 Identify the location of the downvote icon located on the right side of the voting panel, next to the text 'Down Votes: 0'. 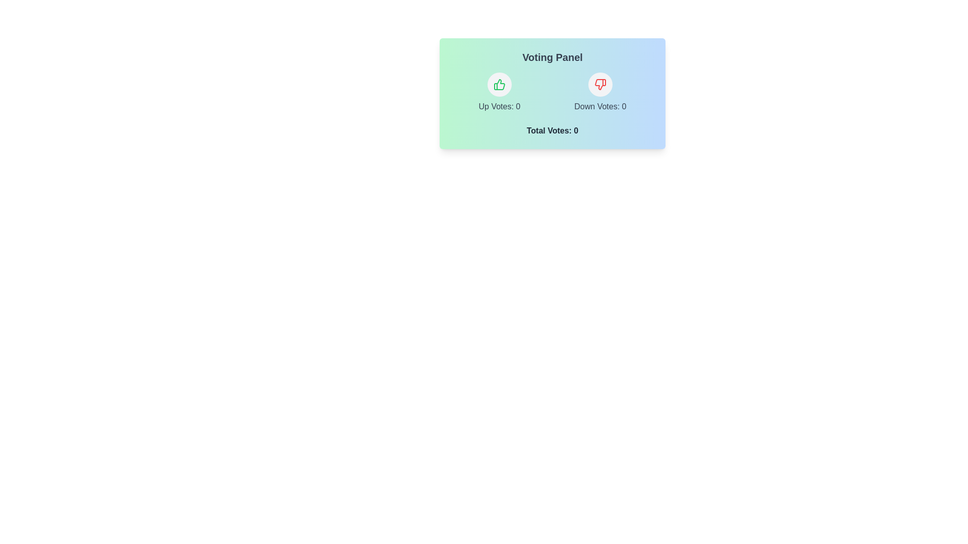
(600, 84).